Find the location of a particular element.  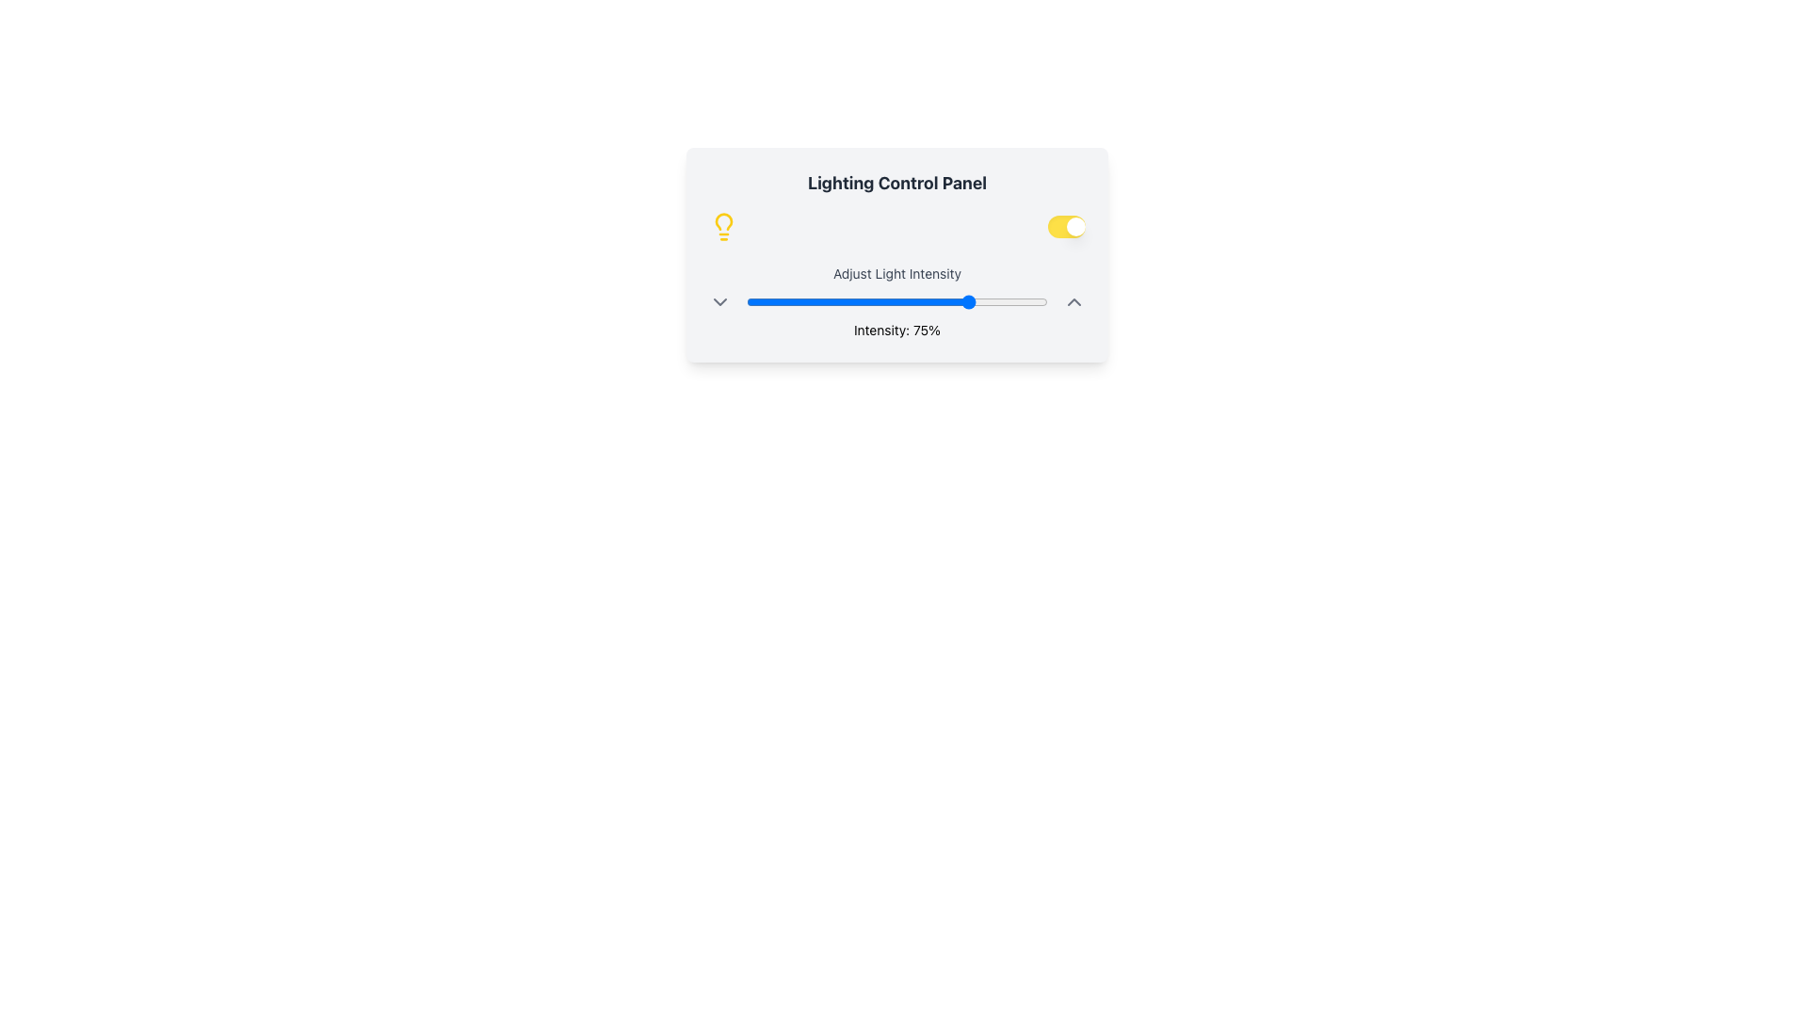

text label at the top center of the Lighting Control Panel, which serves as the header for the section below is located at coordinates (896, 184).